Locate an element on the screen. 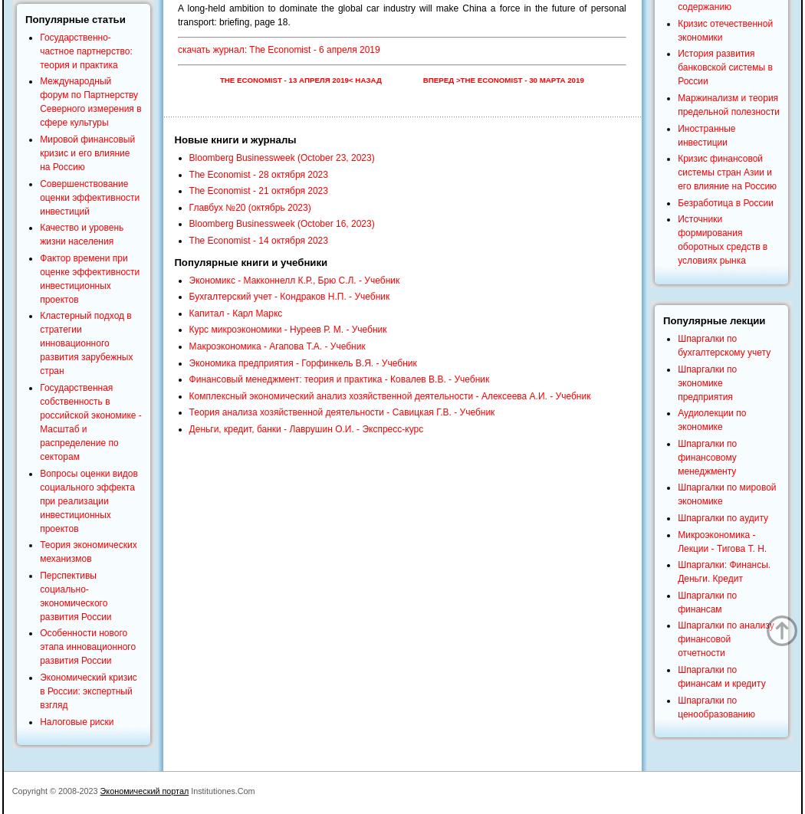 This screenshot has height=814, width=805. 'Bloomberg Businessweek (October 16, 2023)' is located at coordinates (280, 223).